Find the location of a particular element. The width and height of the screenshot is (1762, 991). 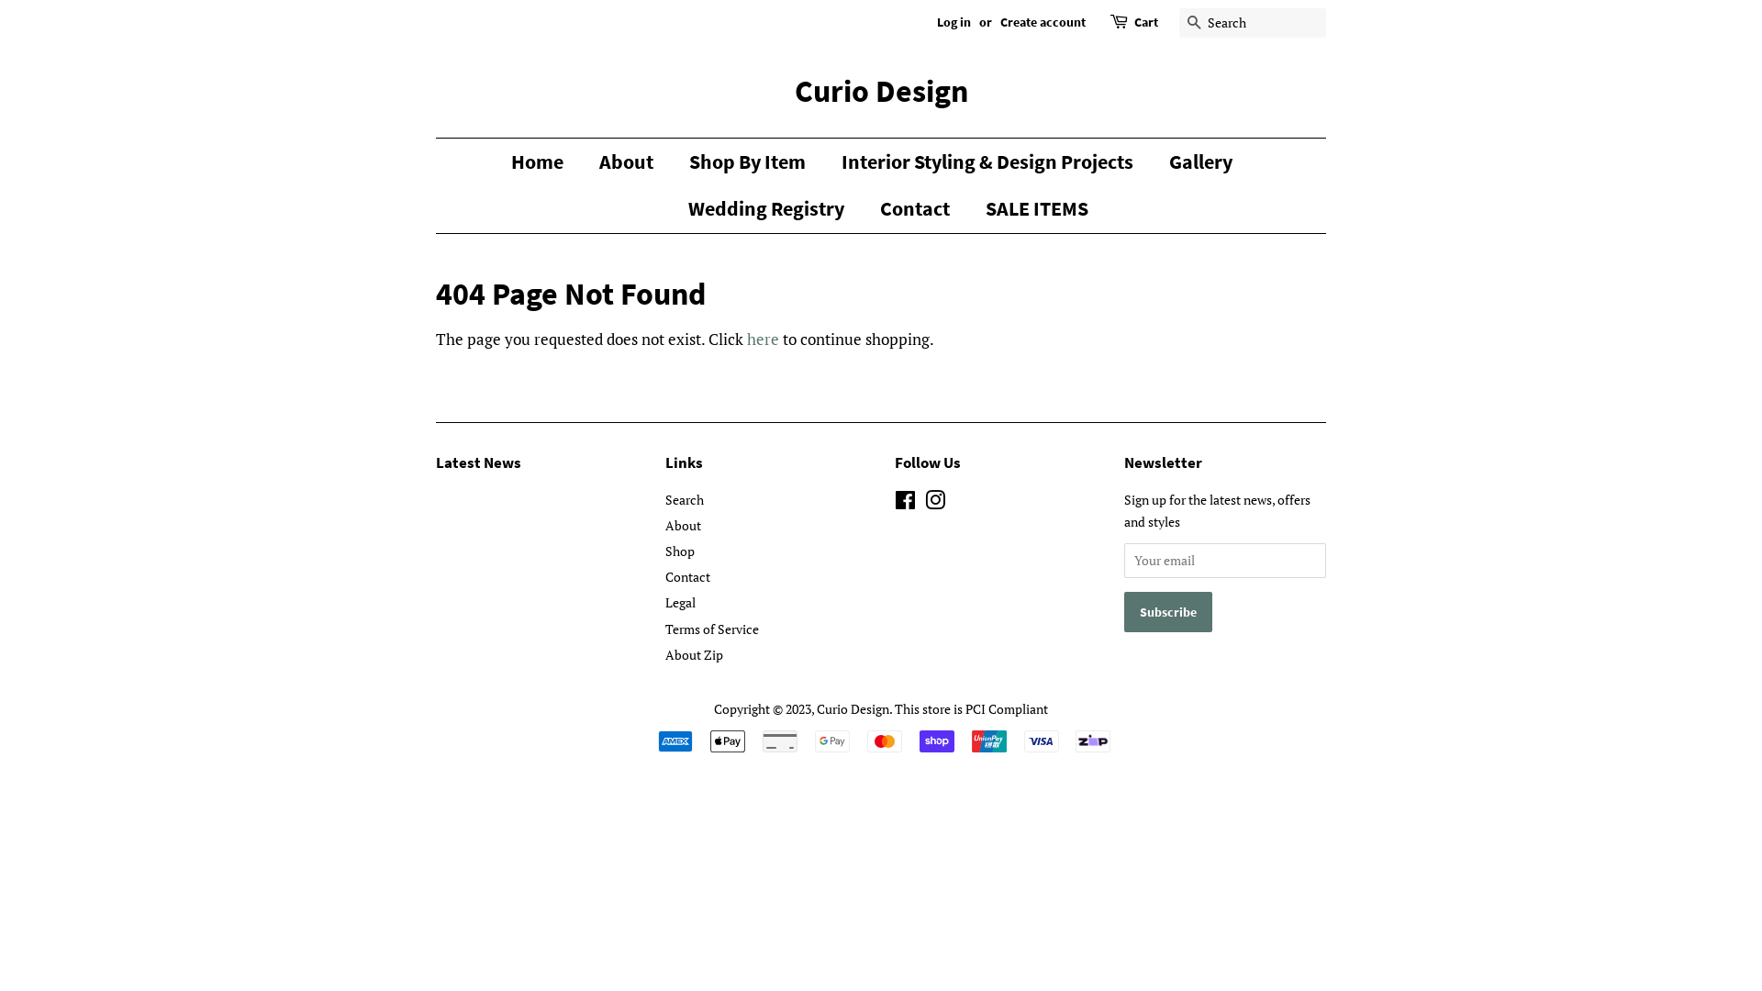

'Create account' is located at coordinates (1043, 21).